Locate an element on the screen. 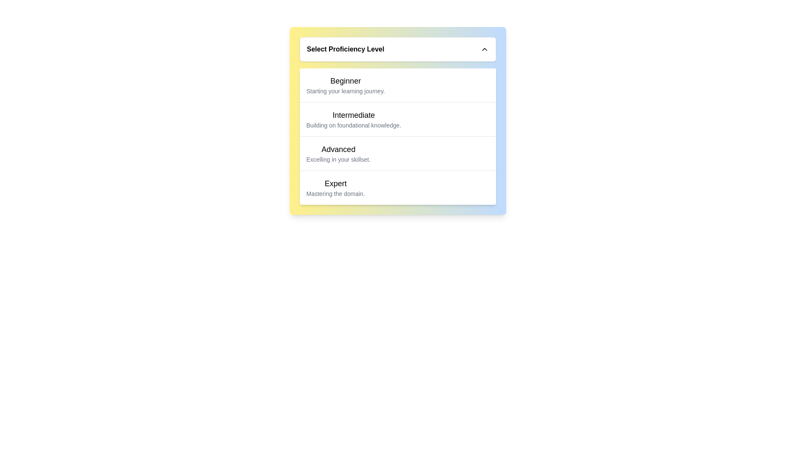 The width and height of the screenshot is (812, 456). the selectable list item titled 'Intermediate' in the dropdown menu 'Select Proficiency Level' is located at coordinates (354, 119).